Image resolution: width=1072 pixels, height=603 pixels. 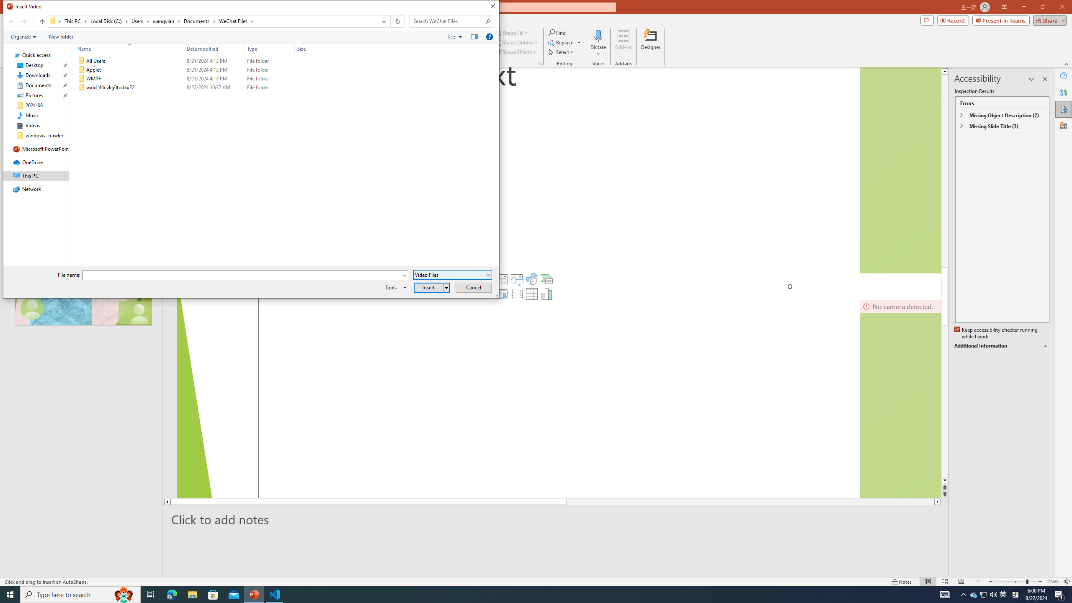 What do you see at coordinates (546, 294) in the screenshot?
I see `'Insert Chart'` at bounding box center [546, 294].